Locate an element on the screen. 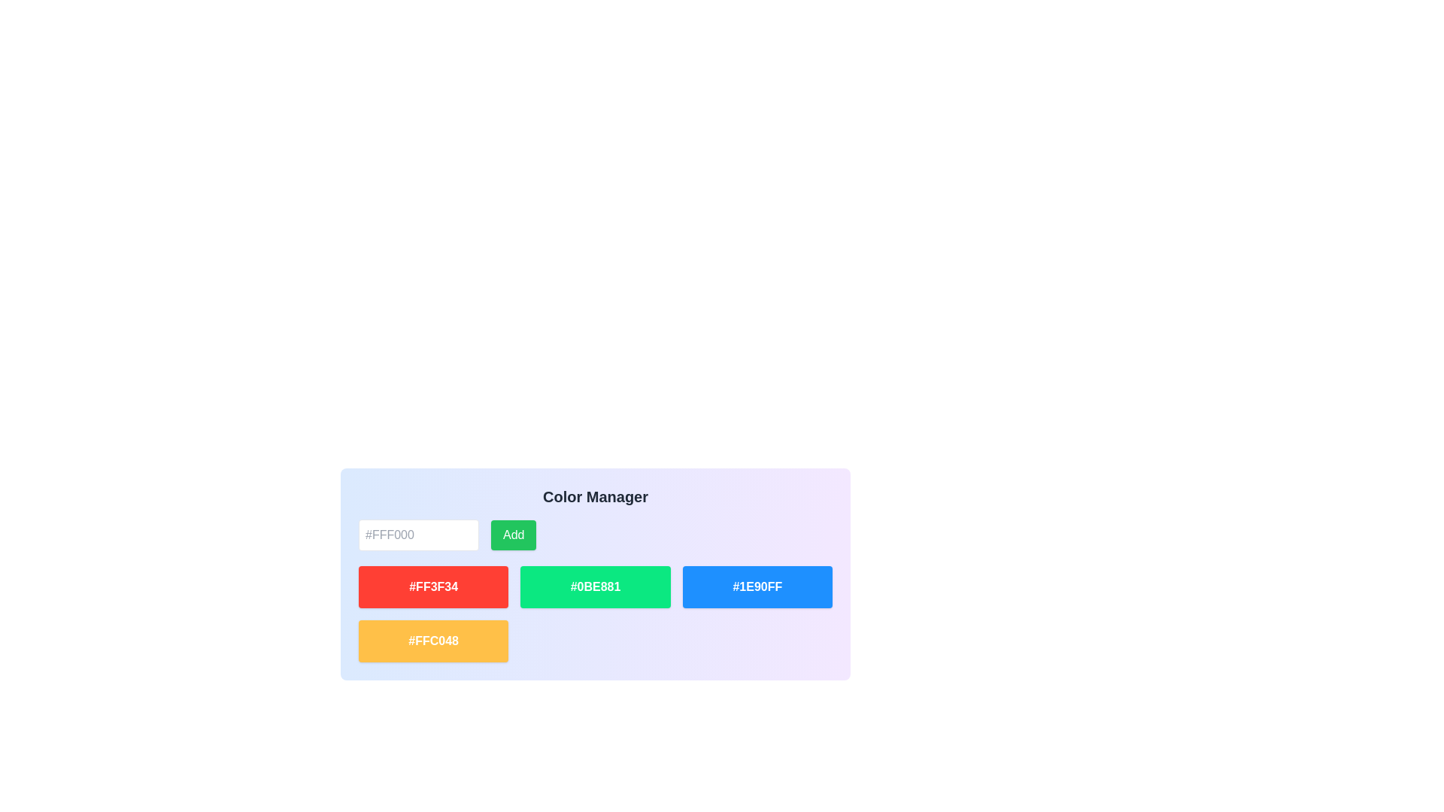 The height and width of the screenshot is (812, 1444). the bright green Color Display Swatch labeled '#0BE881' located under the 'Color Manager' title, specifically the second swatch in the middle row is located at coordinates (595, 576).